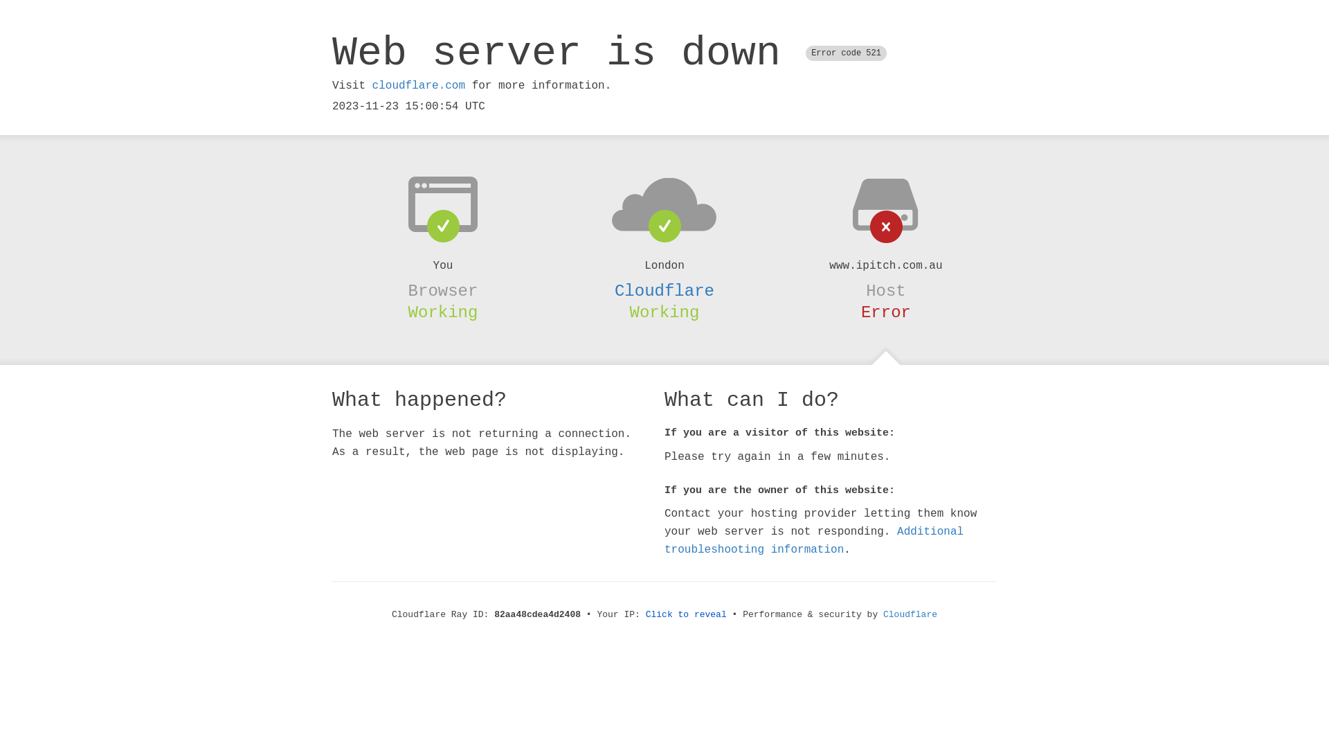 The height and width of the screenshot is (748, 1329). What do you see at coordinates (686, 614) in the screenshot?
I see `'Click to reveal'` at bounding box center [686, 614].